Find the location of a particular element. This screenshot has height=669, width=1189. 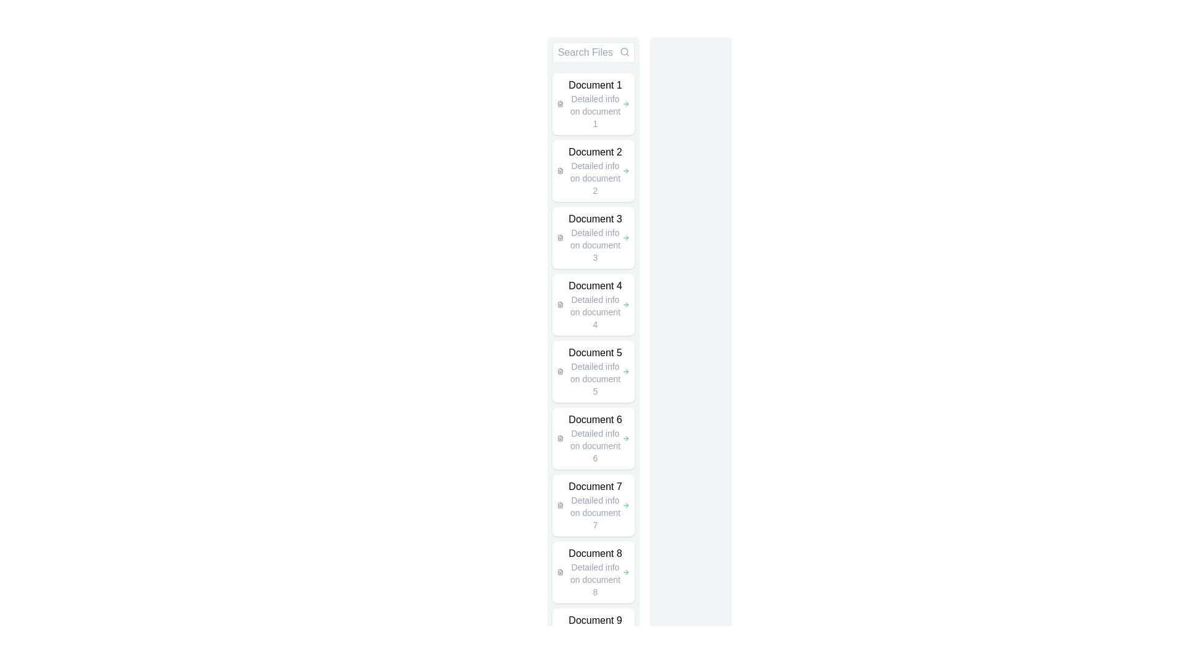

the clickable list item representing 'Document 4' is located at coordinates (593, 305).